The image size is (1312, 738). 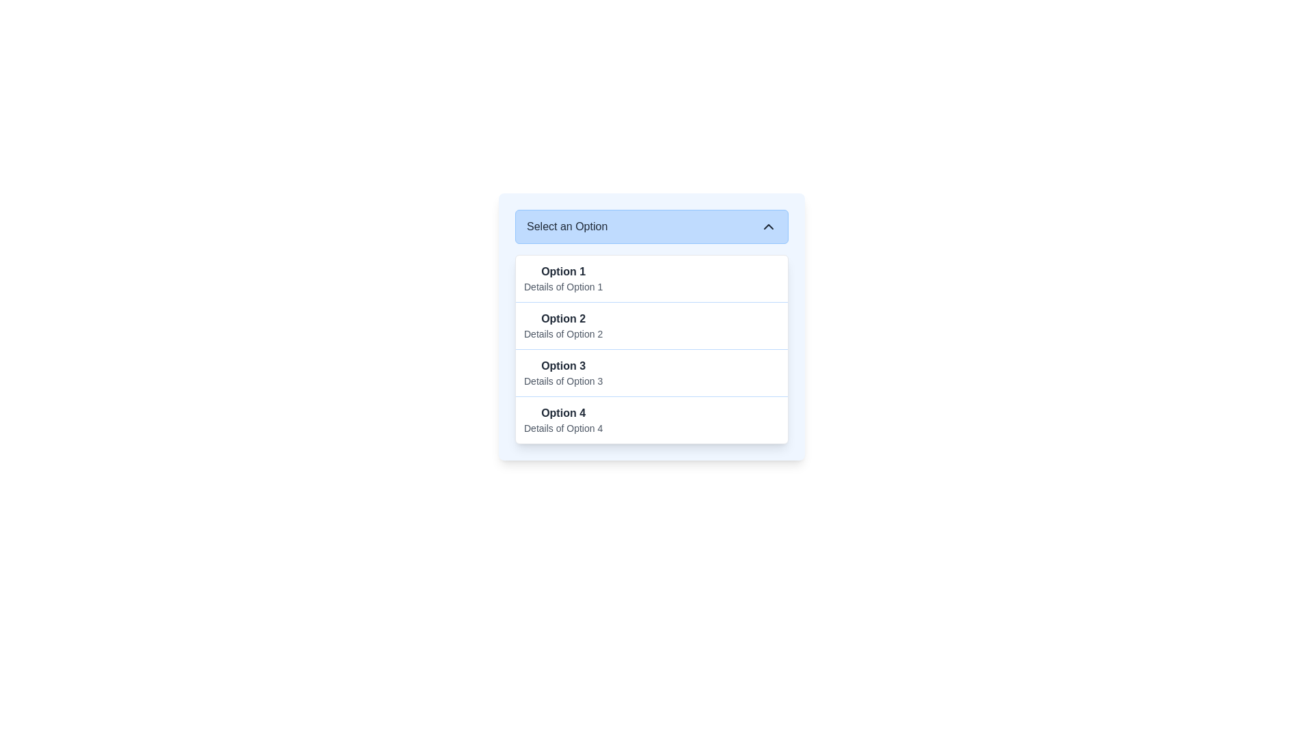 I want to click on the main label for the fourth selectable option in the dropdown menu, located above the text 'Details of Option 4.', so click(x=563, y=413).